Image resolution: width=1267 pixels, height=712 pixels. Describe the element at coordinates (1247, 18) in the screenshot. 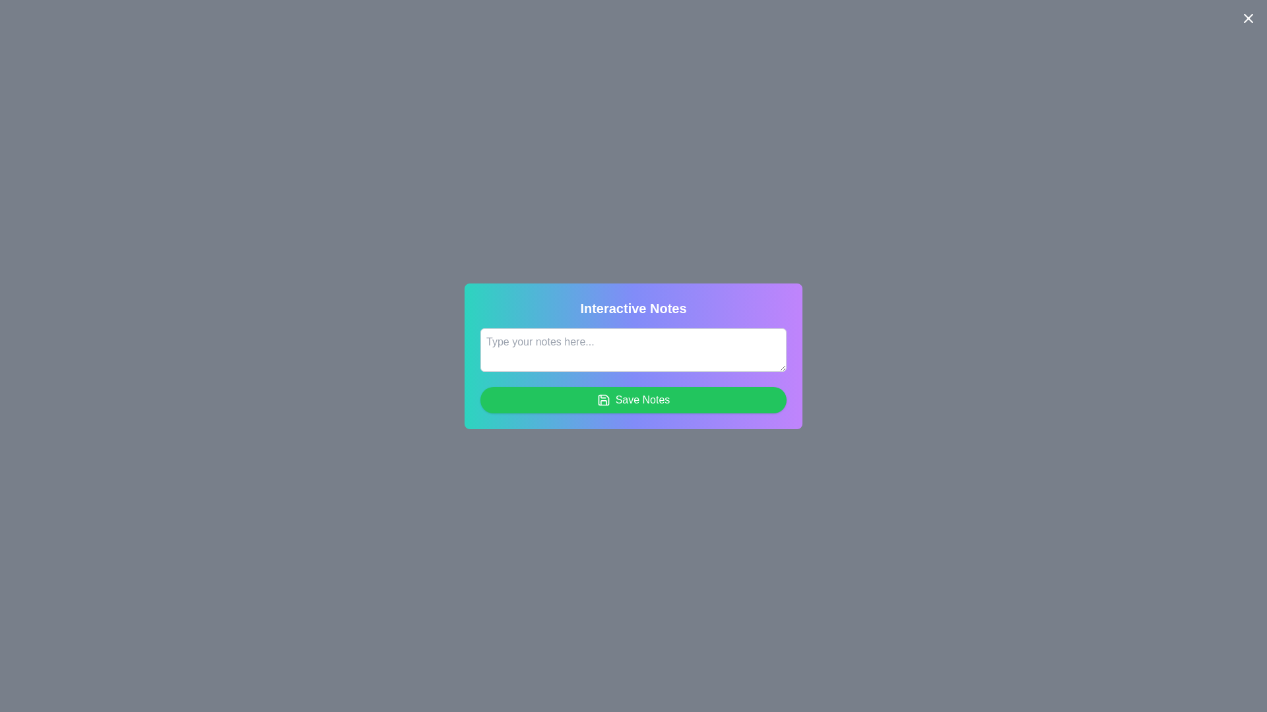

I see `the close button to close the dialog` at that location.